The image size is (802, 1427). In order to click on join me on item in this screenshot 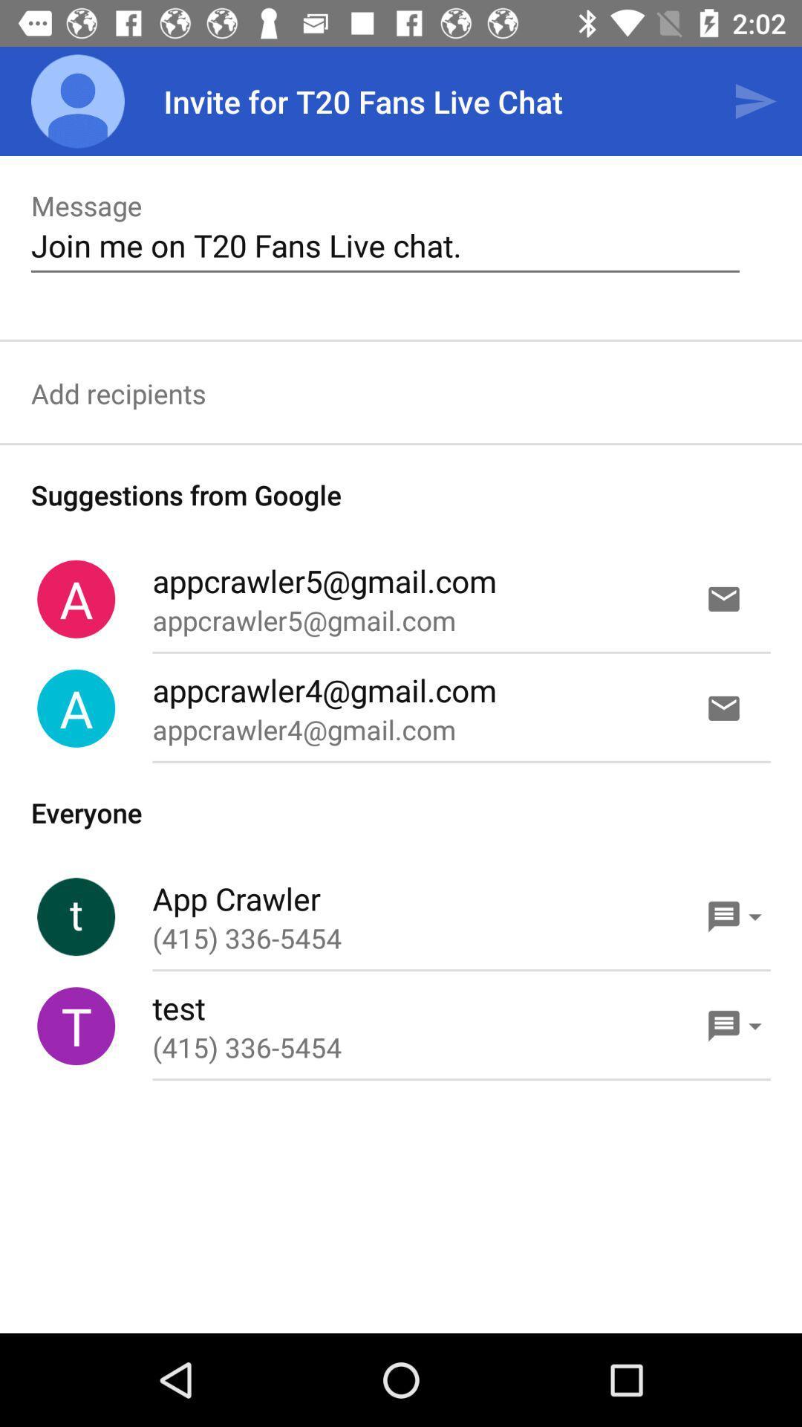, I will do `click(385, 245)`.